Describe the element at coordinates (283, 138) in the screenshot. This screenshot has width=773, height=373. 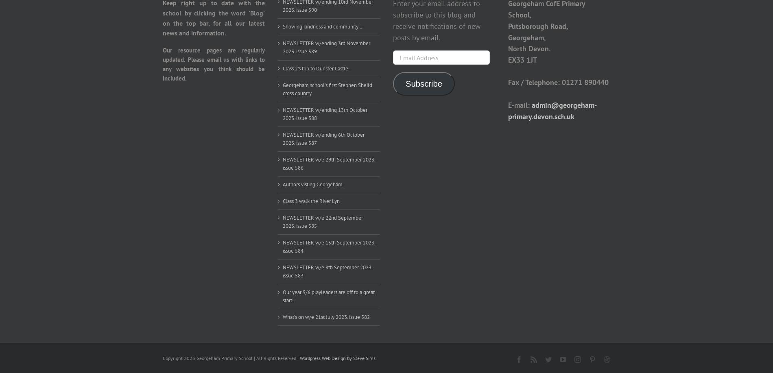
I see `'NEWSLETTER w/ending 6th October 2023. issue 587'` at that location.